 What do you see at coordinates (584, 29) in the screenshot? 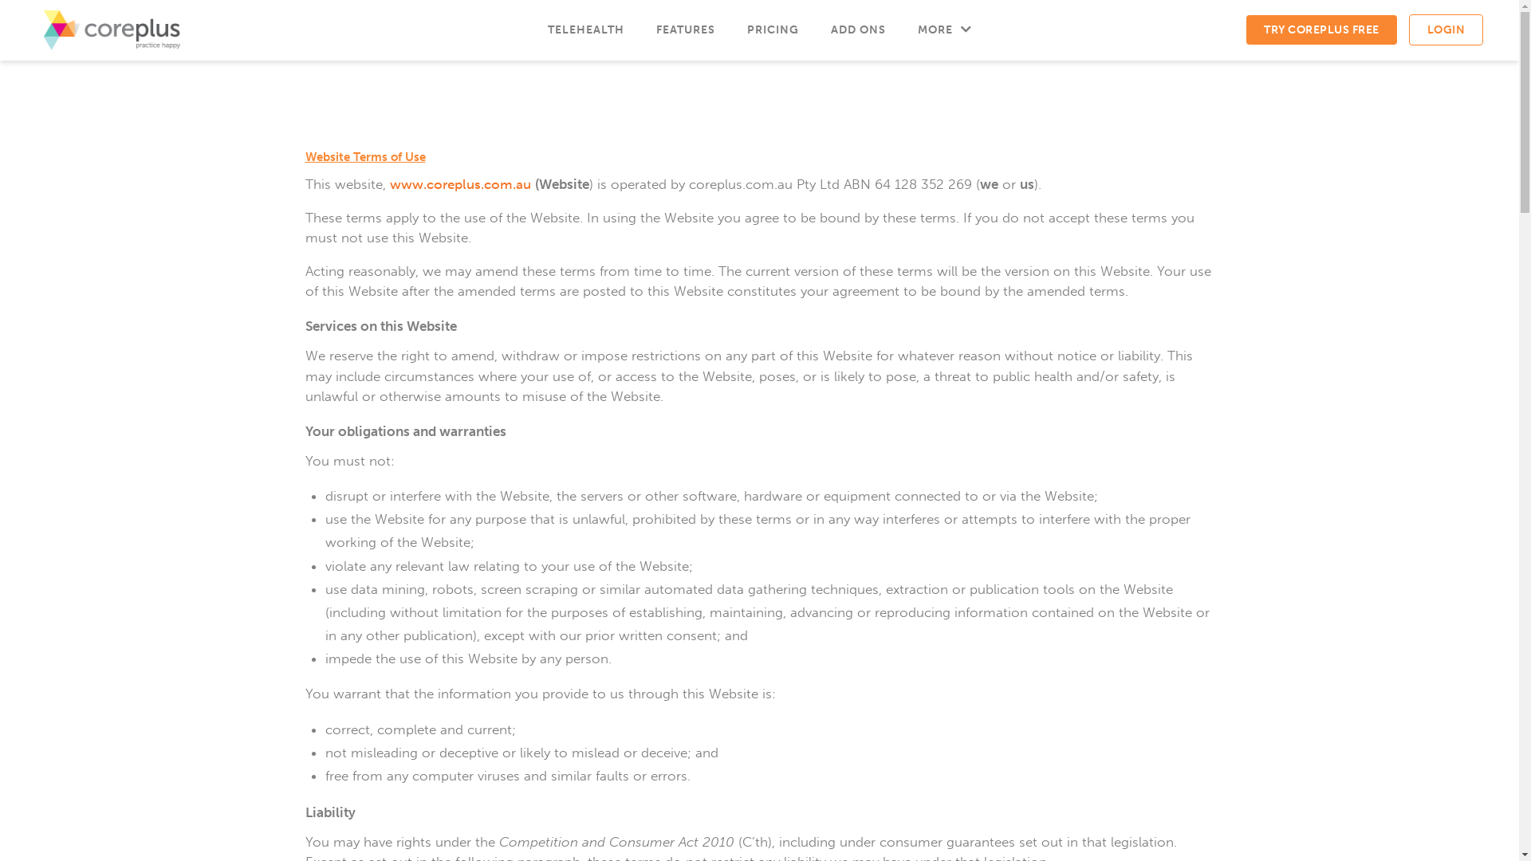
I see `'TELEHEALTH'` at bounding box center [584, 29].